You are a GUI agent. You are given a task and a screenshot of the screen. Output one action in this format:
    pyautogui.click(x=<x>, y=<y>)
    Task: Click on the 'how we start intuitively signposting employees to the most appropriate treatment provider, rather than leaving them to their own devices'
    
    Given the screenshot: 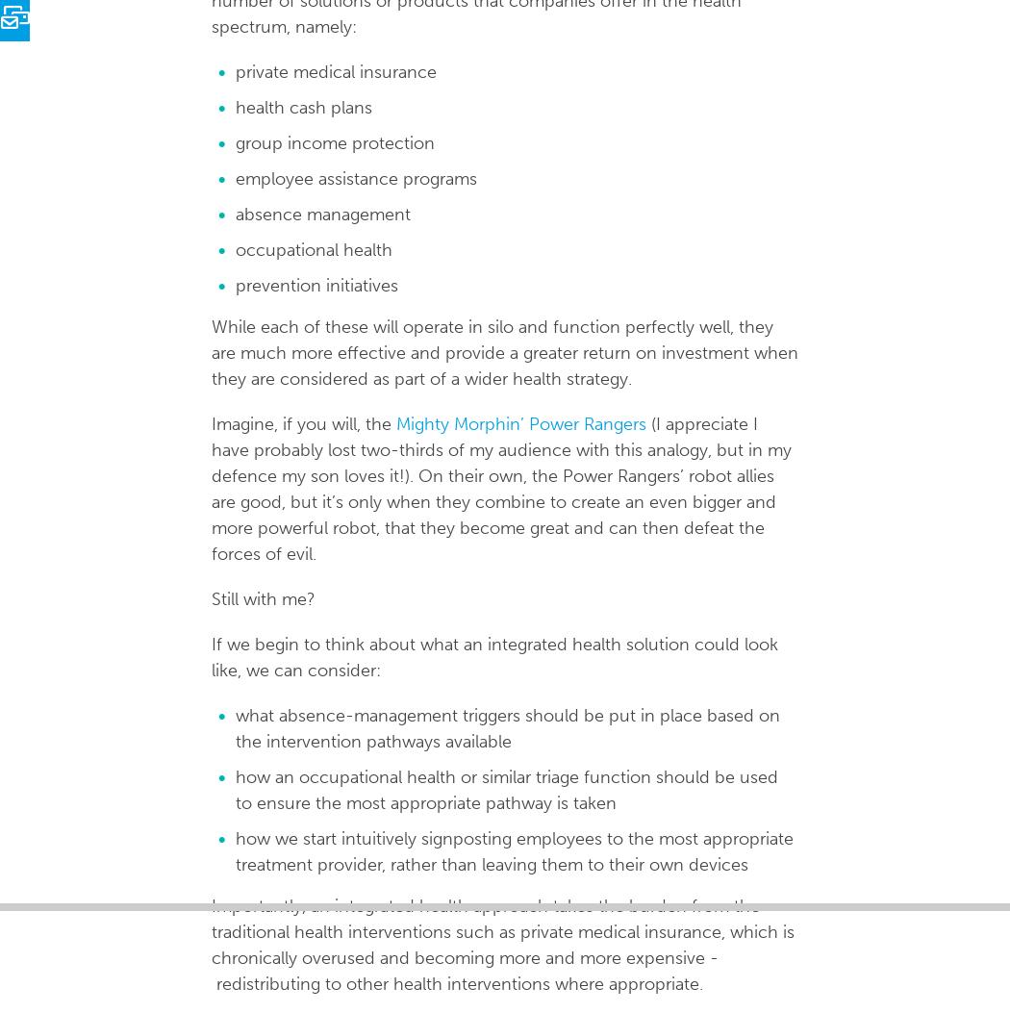 What is the action you would take?
    pyautogui.click(x=514, y=851)
    